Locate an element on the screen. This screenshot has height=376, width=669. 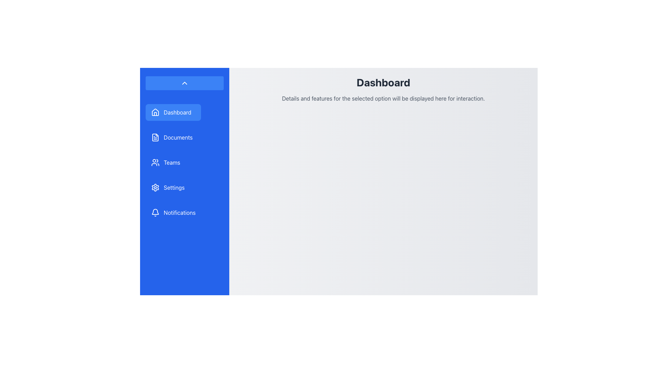
the Dashboard icon located on the blue sidebar menu is located at coordinates (155, 112).